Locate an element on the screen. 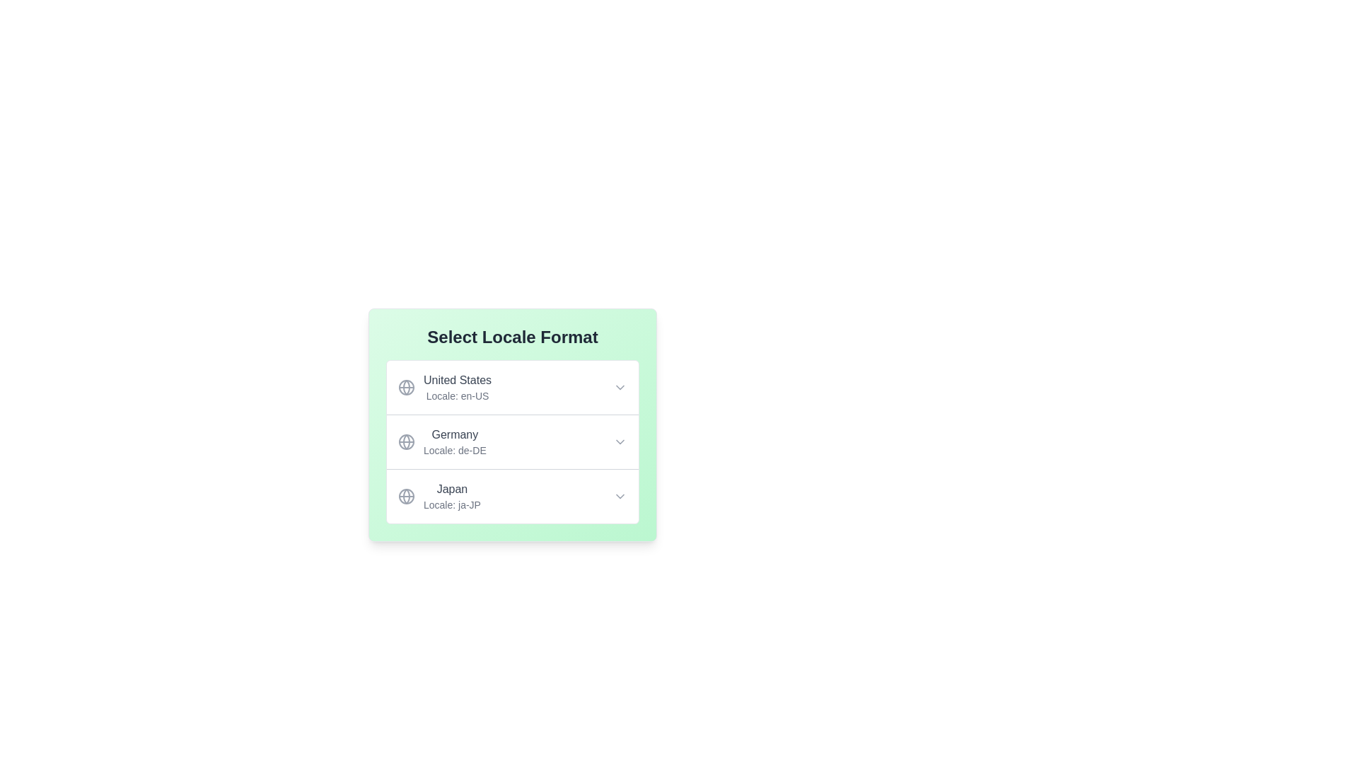  the list item for Germany is located at coordinates (511, 441).